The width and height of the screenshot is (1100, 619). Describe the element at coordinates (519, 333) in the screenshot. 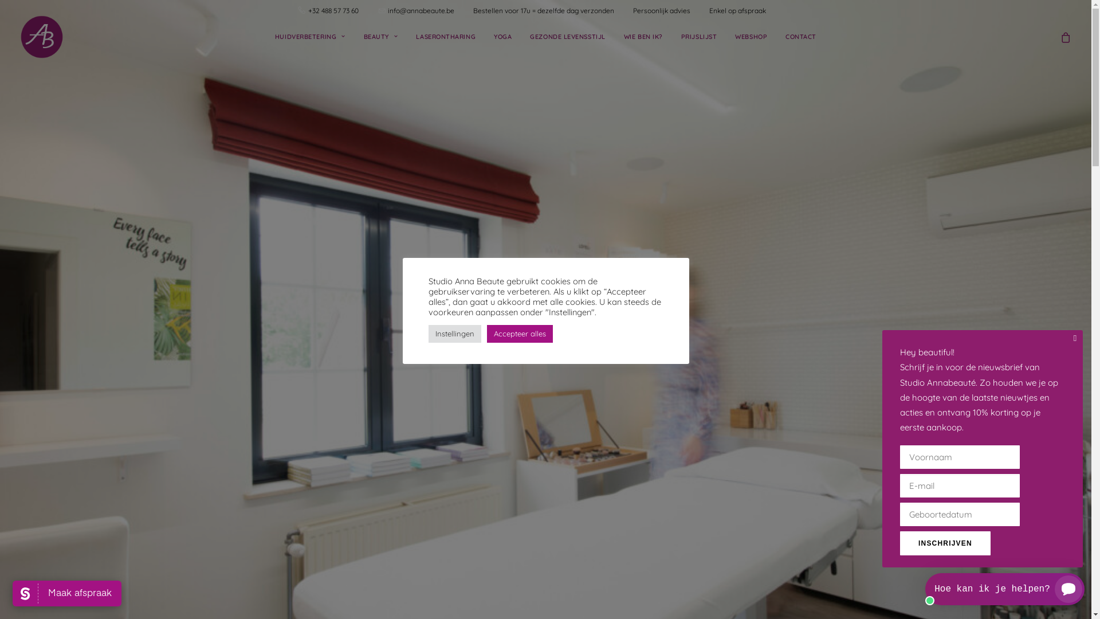

I see `'Accepteer alles'` at that location.